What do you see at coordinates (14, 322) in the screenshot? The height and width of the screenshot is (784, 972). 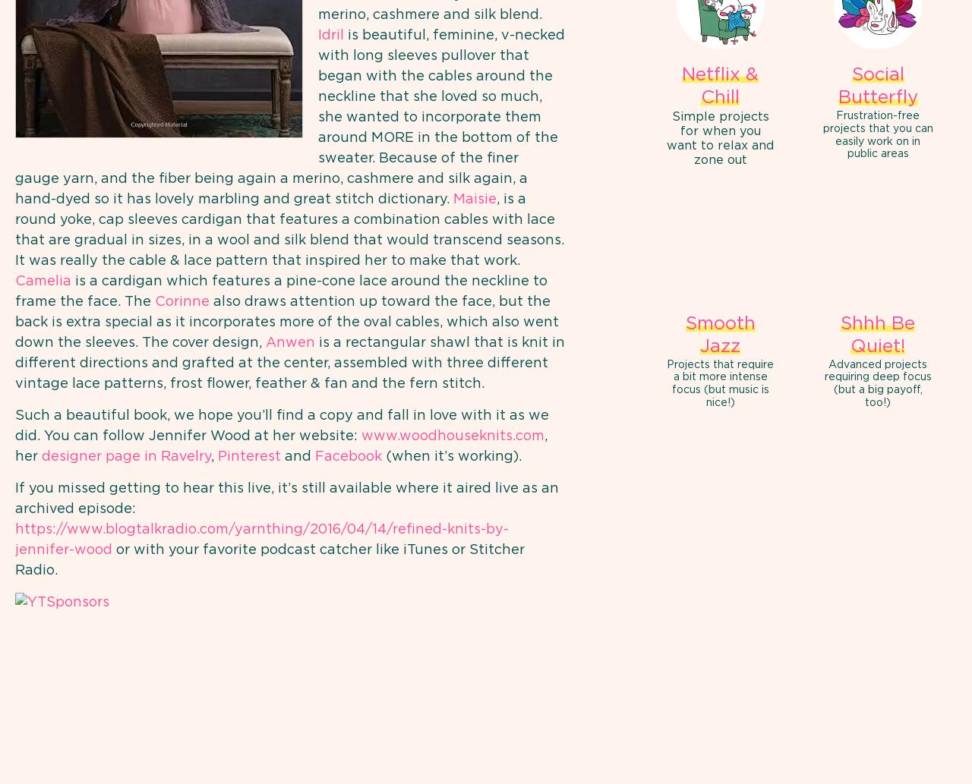 I see `'also draws attention up toward the face, but the back is extra special as it incorporates more of the oval cables, which also went down the sleeves. The cover design,'` at bounding box center [14, 322].